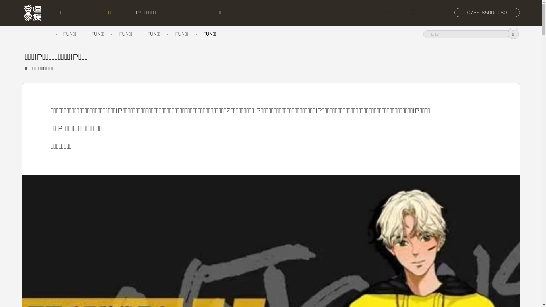 Image resolution: width=546 pixels, height=307 pixels. Describe the element at coordinates (487, 12) in the screenshot. I see `'0755-85000080'` at that location.